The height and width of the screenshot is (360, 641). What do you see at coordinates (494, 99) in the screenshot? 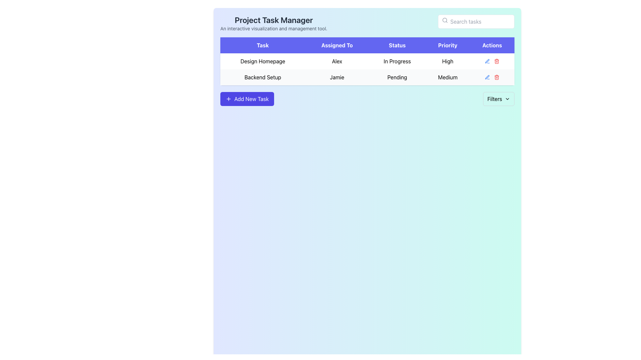
I see `static text label that reads 'Filters' located in the upper-right corner of the interface, styled in a sans-serif font` at bounding box center [494, 99].